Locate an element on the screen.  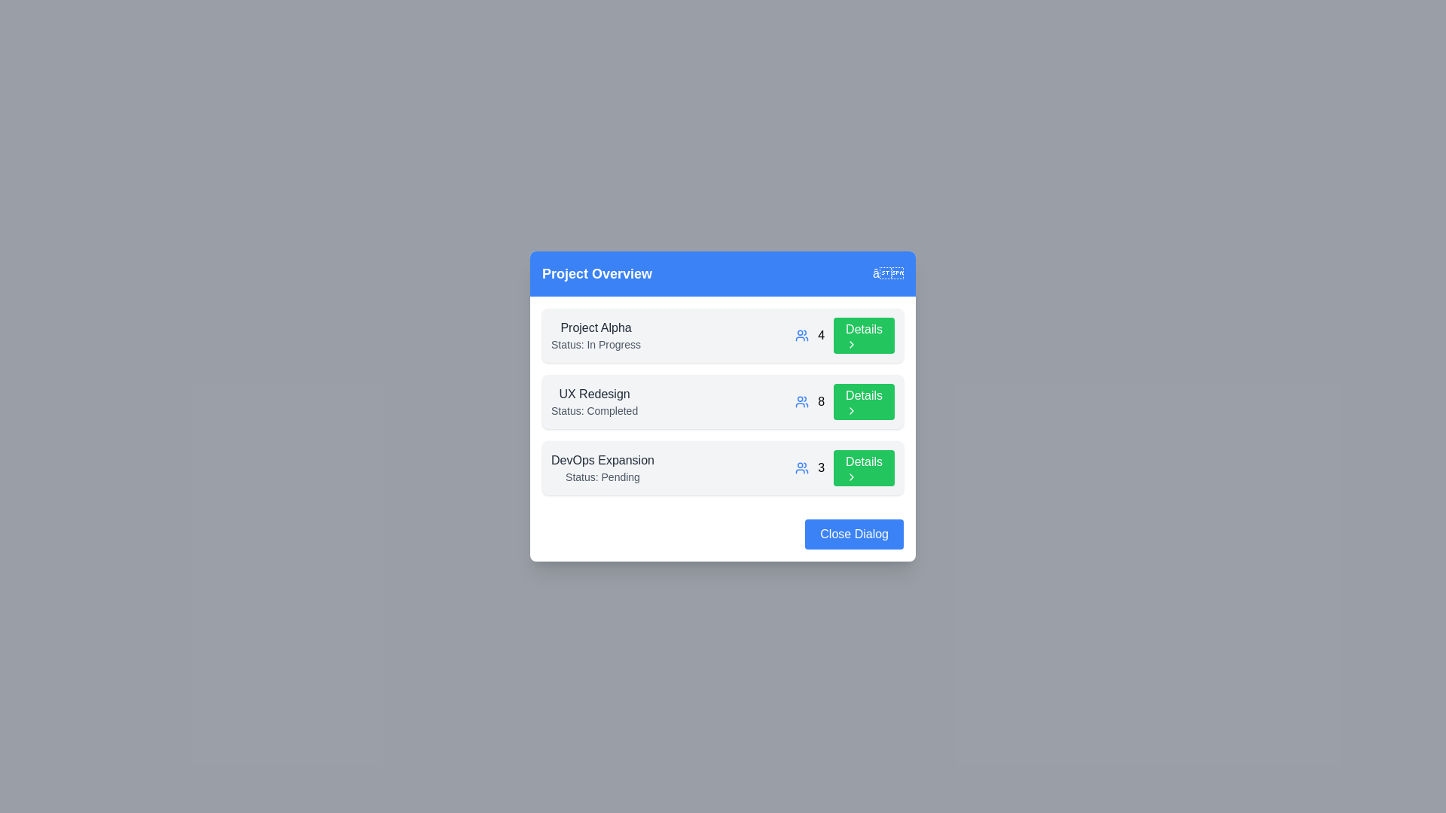
the project item corresponding to Project Alpha is located at coordinates (723, 335).